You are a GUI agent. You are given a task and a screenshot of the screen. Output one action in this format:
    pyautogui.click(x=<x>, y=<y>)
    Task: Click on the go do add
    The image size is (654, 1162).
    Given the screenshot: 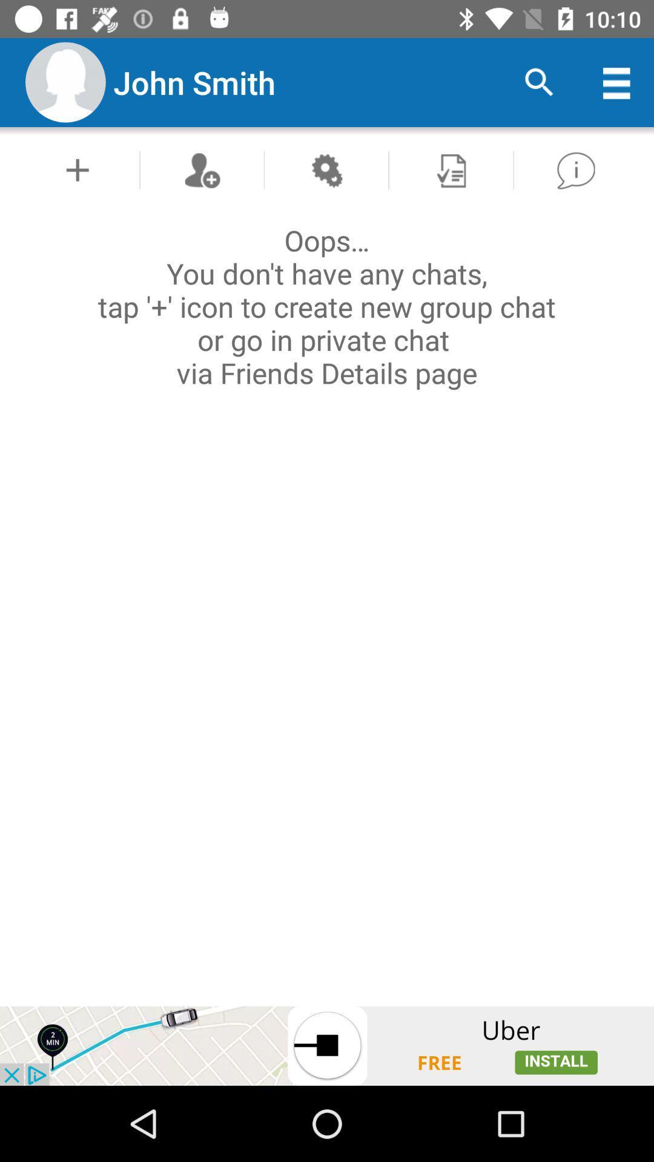 What is the action you would take?
    pyautogui.click(x=78, y=169)
    